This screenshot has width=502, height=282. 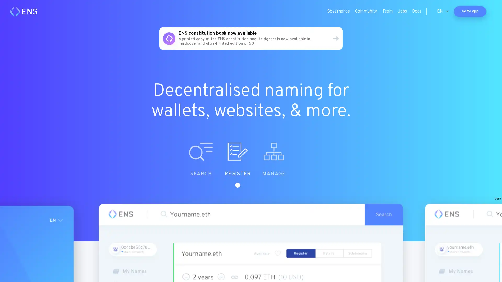 I want to click on slide item 2, so click(x=256, y=165).